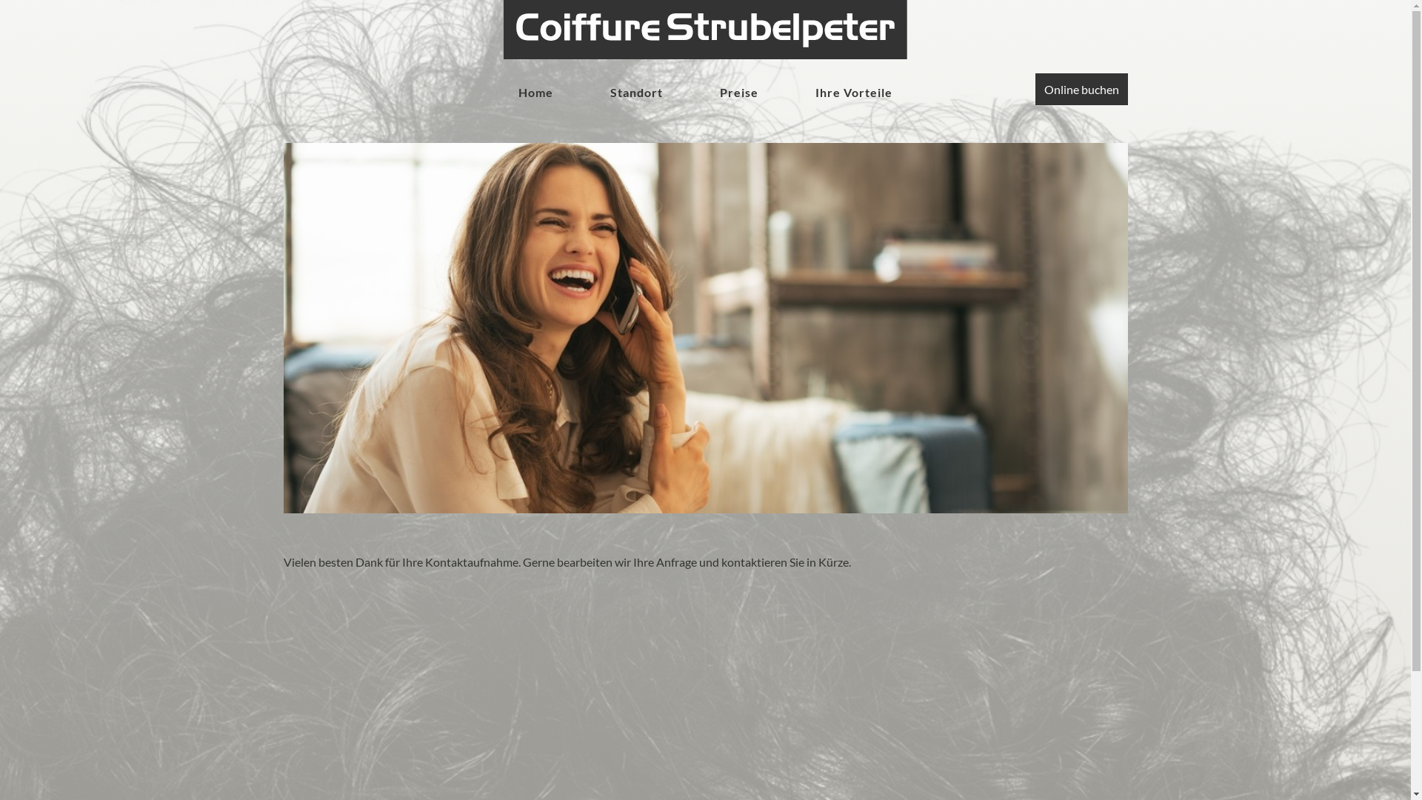 This screenshot has height=800, width=1422. Describe the element at coordinates (535, 92) in the screenshot. I see `'Home'` at that location.